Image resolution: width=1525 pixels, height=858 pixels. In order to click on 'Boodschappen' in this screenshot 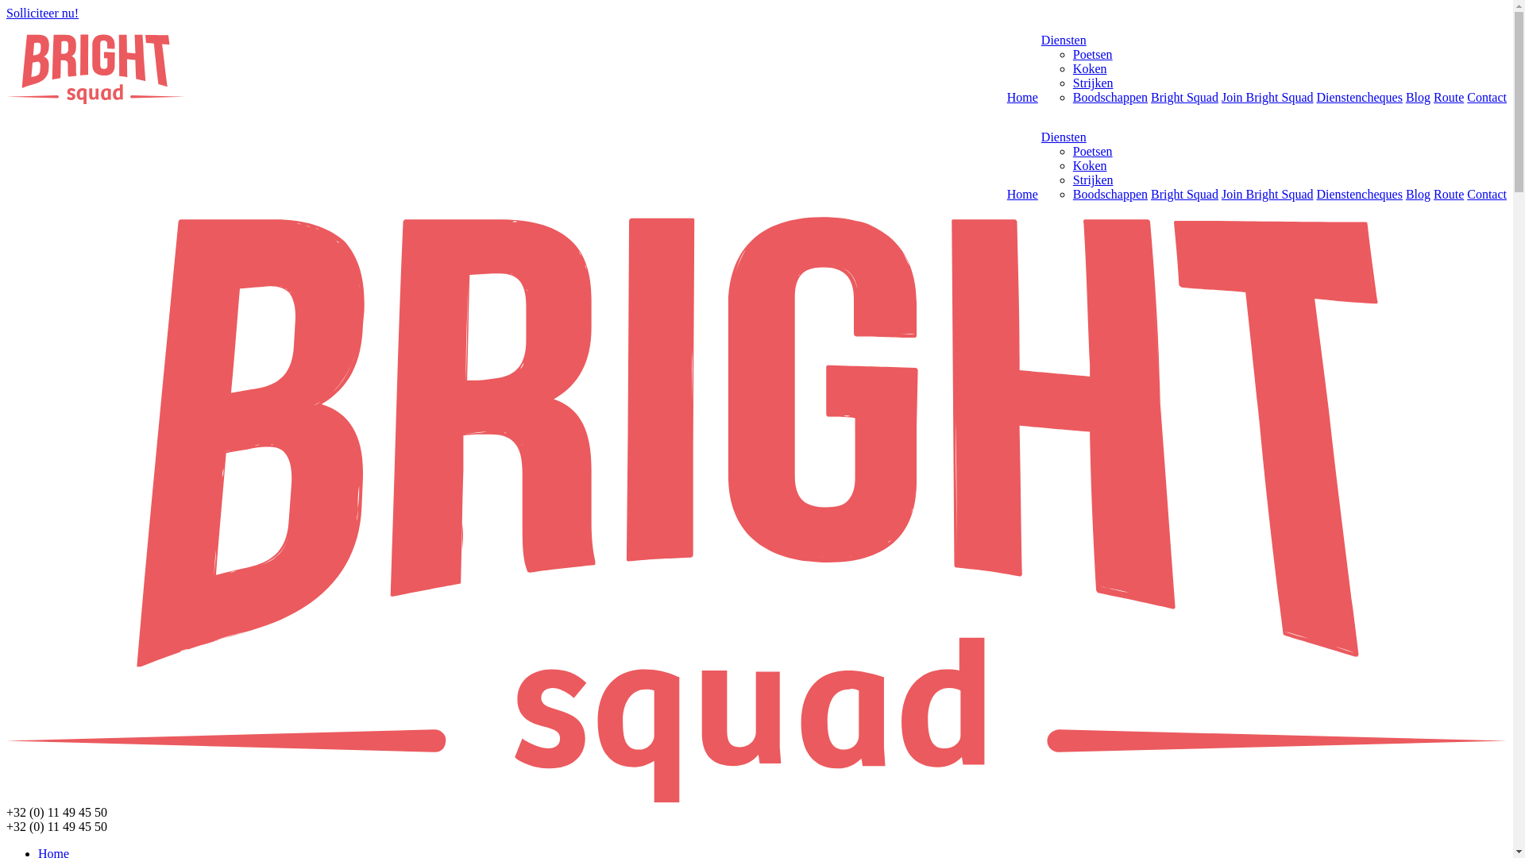, I will do `click(1072, 97)`.